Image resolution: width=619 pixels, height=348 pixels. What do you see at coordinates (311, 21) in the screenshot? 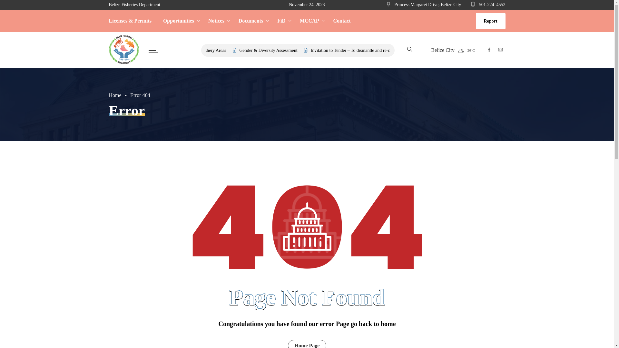
I see `'MCCAP'` at bounding box center [311, 21].